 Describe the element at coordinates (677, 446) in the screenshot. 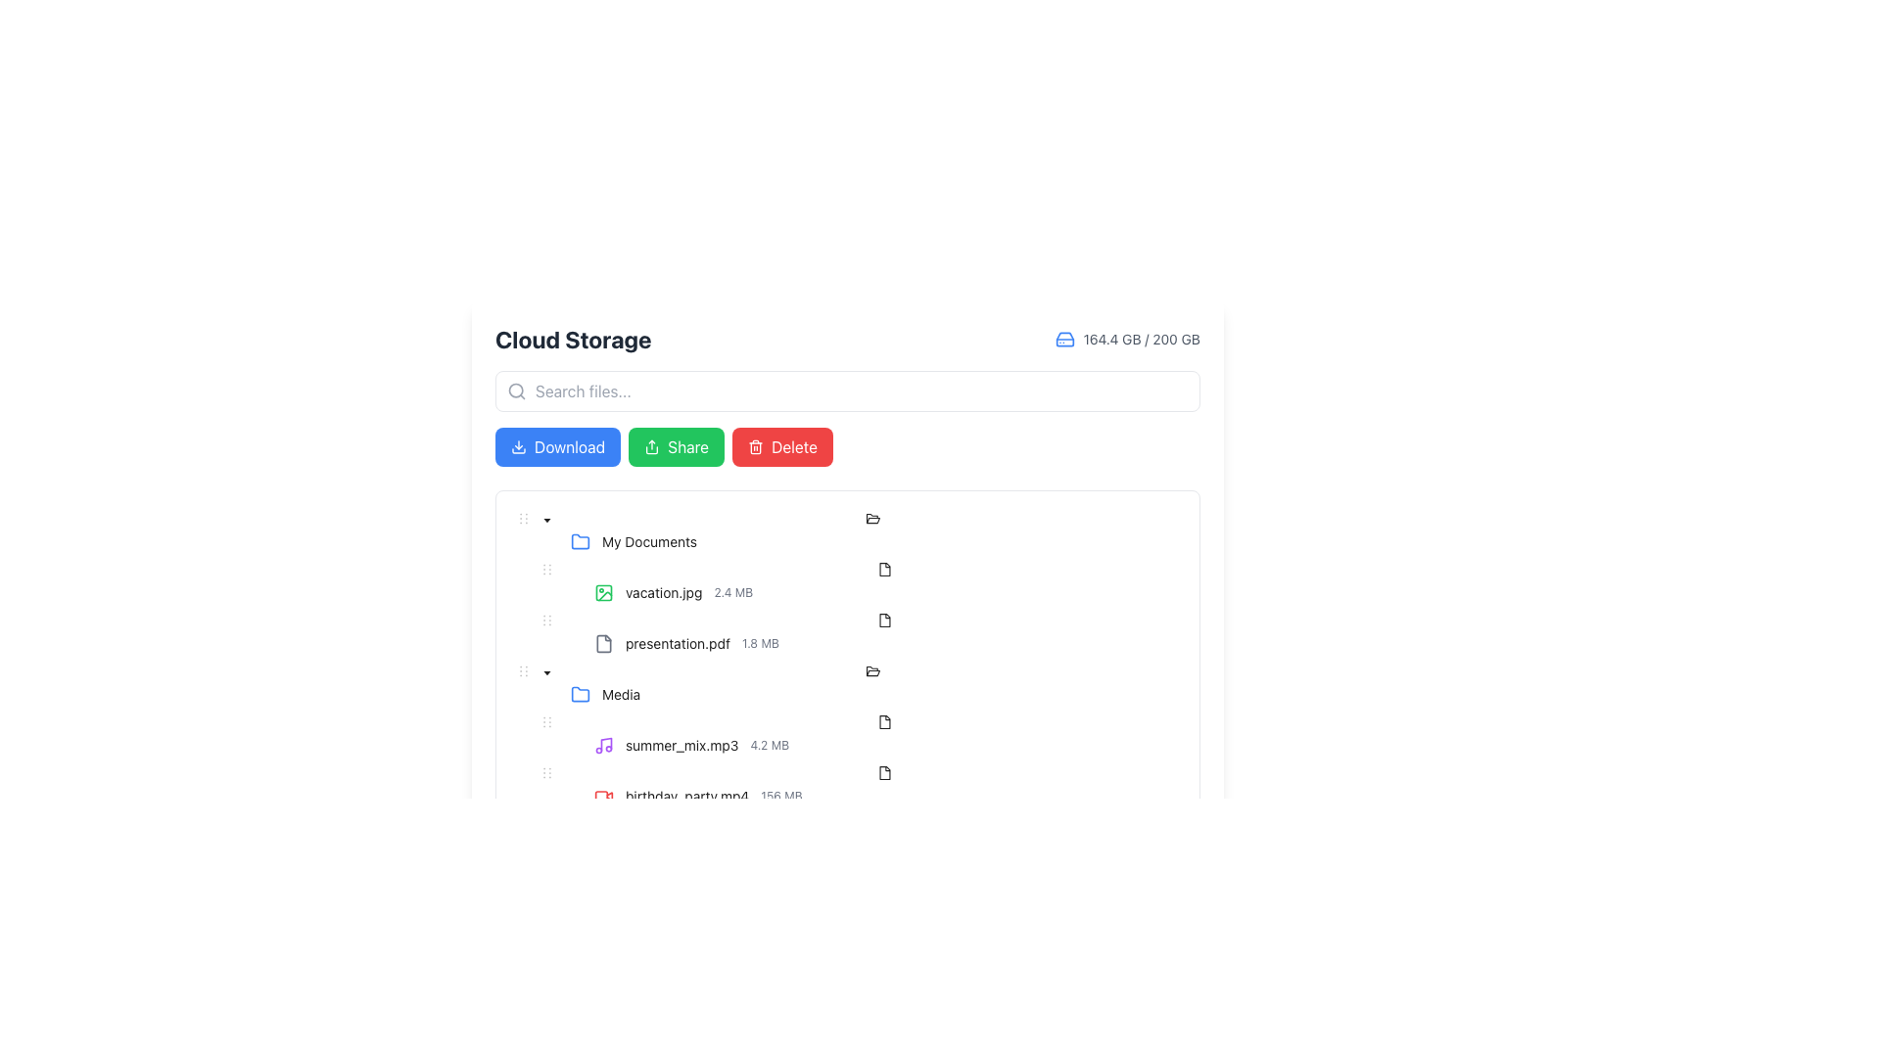

I see `the green 'Share' button located between the 'Download' and 'Delete' buttons` at that location.